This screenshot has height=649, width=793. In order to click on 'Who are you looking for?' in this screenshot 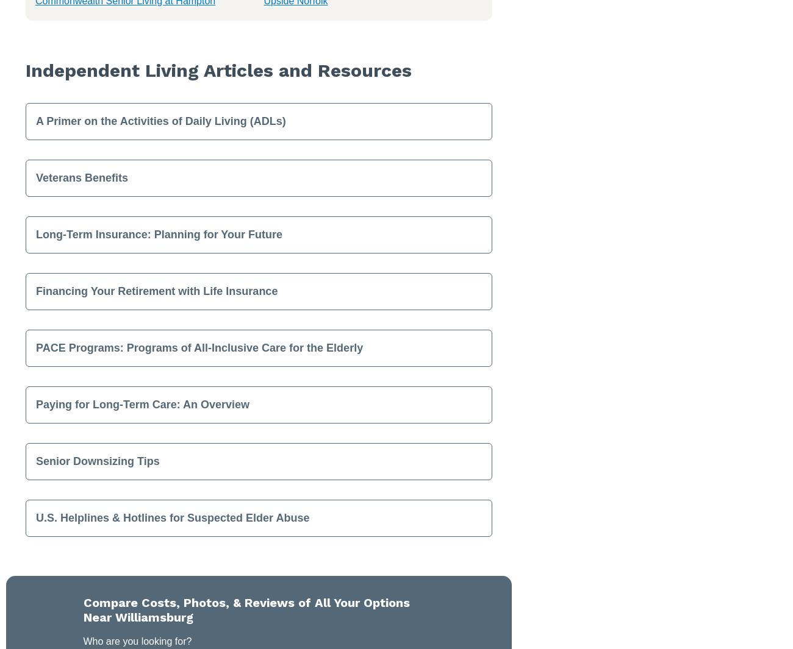, I will do `click(137, 640)`.